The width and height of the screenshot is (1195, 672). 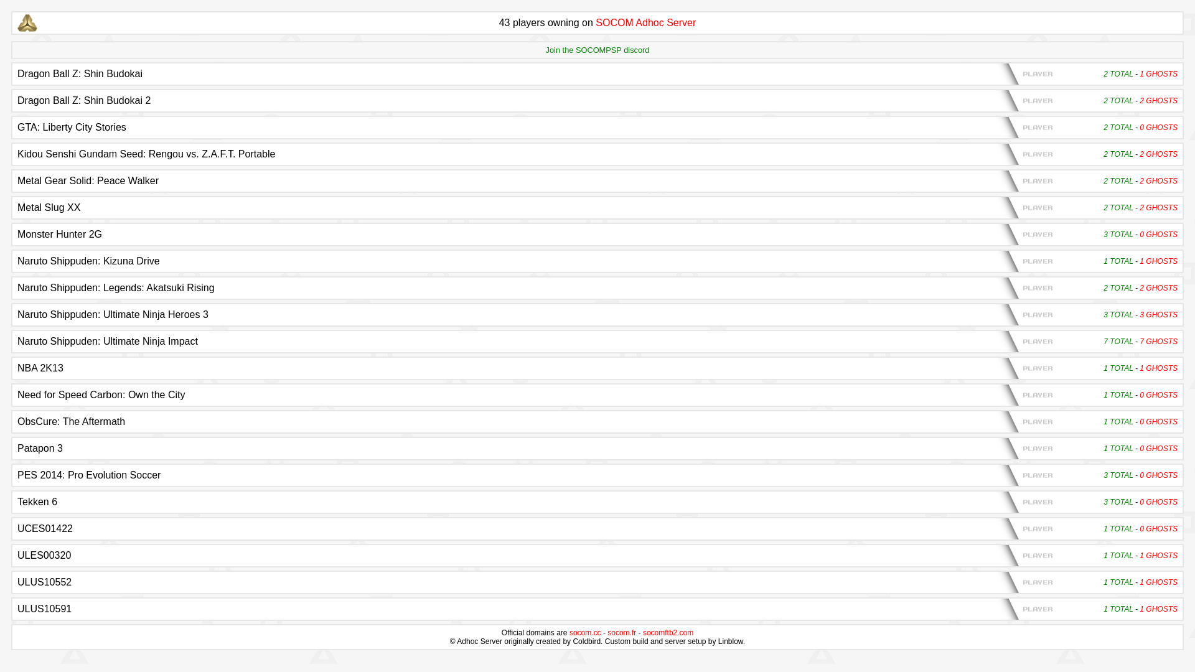 What do you see at coordinates (607, 633) in the screenshot?
I see `'socom.fr'` at bounding box center [607, 633].